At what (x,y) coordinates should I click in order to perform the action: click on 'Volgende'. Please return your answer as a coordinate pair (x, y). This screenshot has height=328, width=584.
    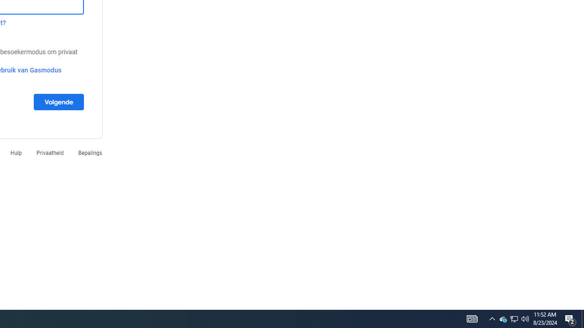
    Looking at the image, I should click on (58, 102).